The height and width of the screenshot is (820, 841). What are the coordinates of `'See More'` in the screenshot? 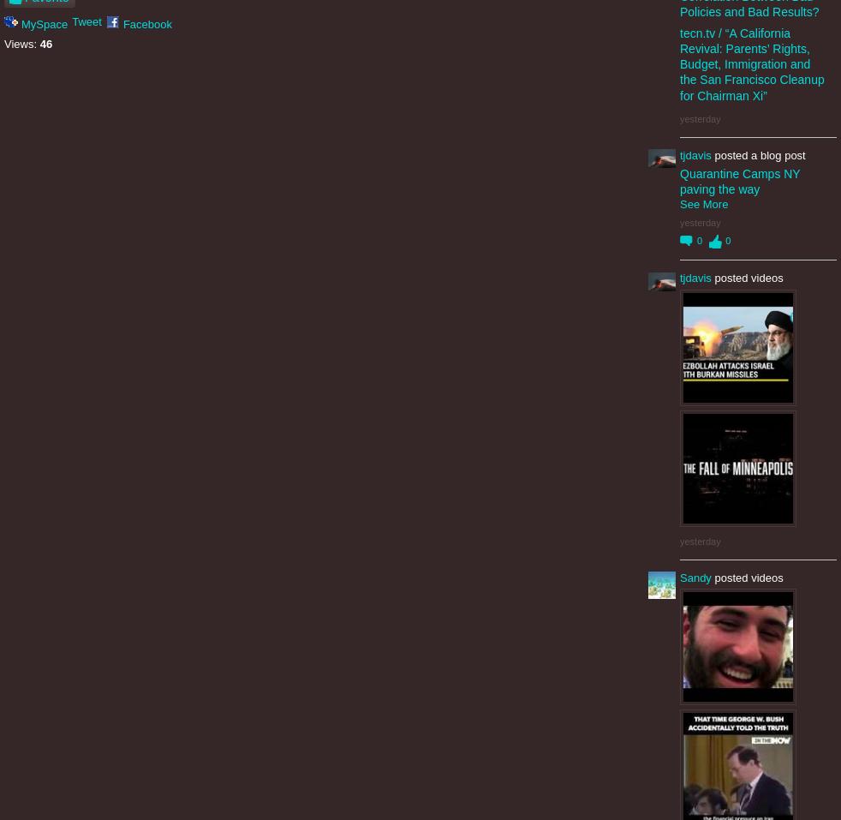 It's located at (704, 202).